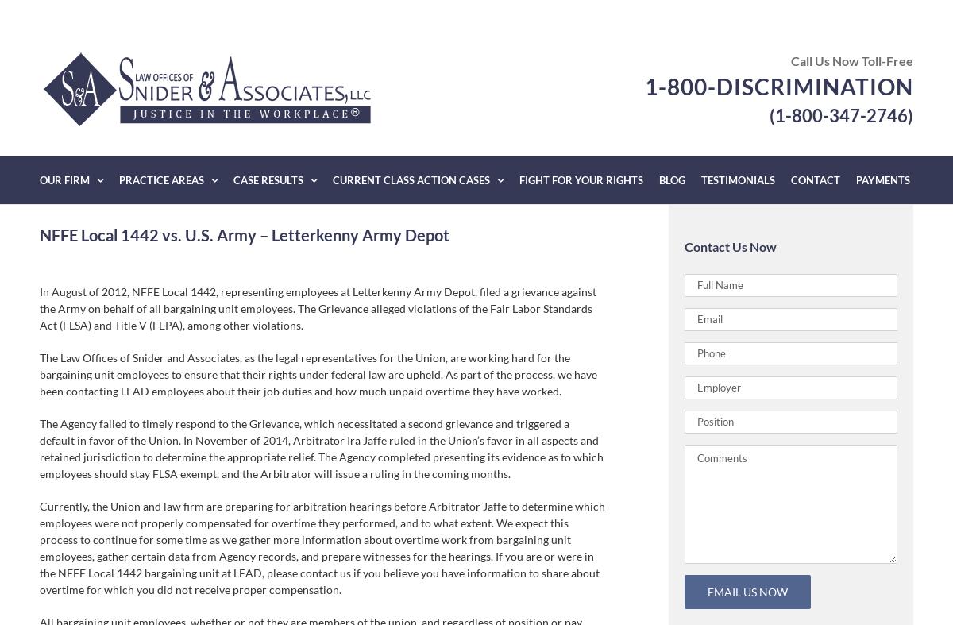 The height and width of the screenshot is (625, 953). What do you see at coordinates (318, 307) in the screenshot?
I see `'In August of 2012, NFFE Local 1442, representing employees at Letterkenny Army Depot, filed a grievance against the Army on behalf of all bargaining unit employees. The Grievance alleged violations of the Fair Labor Standards Act (FLSA) and Title V (FEPA), among other violations.'` at bounding box center [318, 307].